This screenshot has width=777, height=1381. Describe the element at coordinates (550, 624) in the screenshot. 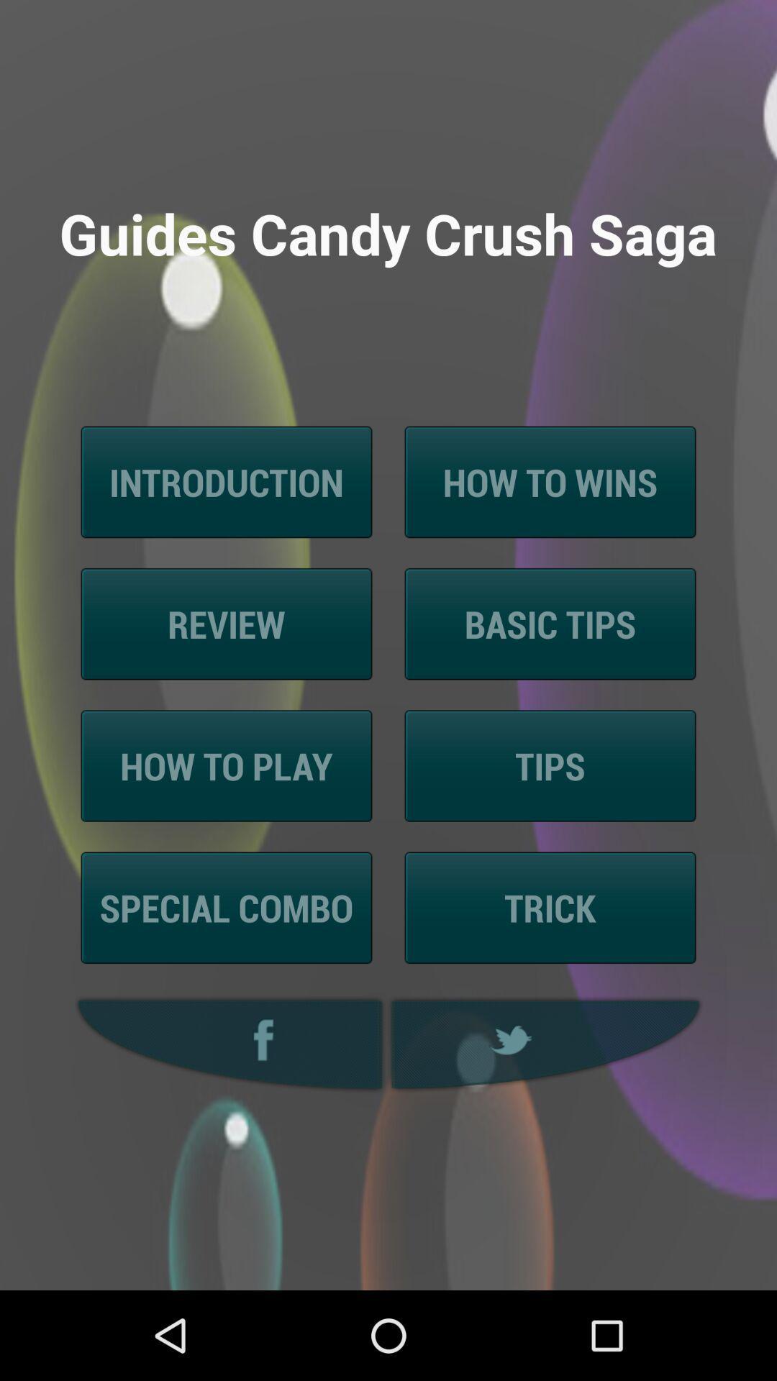

I see `icon next to the review icon` at that location.